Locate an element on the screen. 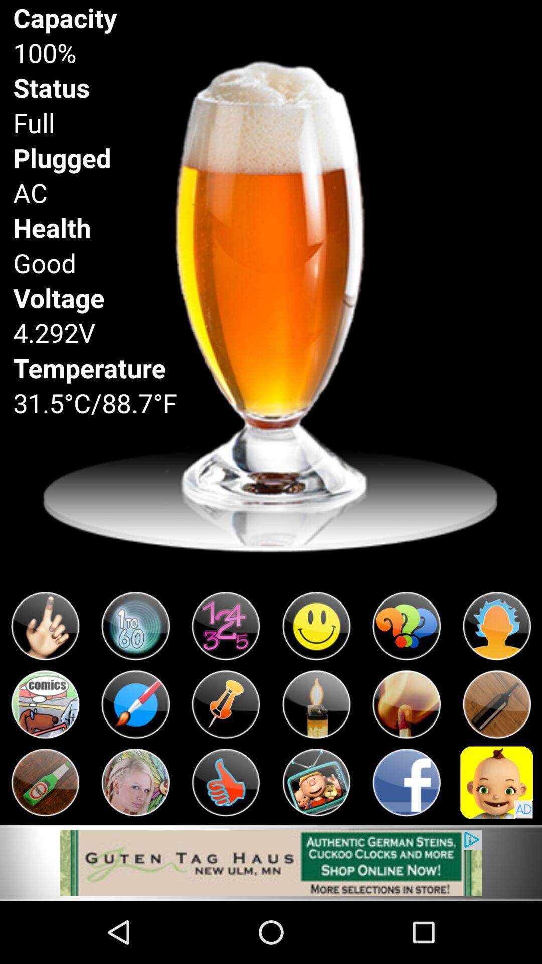 The height and width of the screenshot is (964, 542). visit website is located at coordinates (271, 862).